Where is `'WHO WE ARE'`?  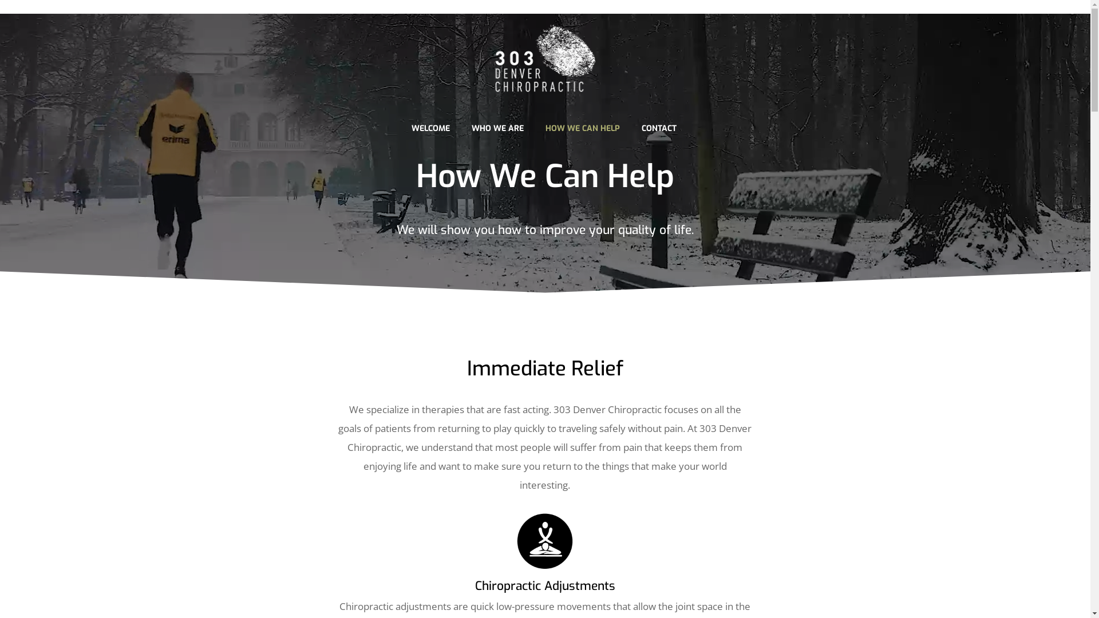 'WHO WE ARE' is located at coordinates (497, 128).